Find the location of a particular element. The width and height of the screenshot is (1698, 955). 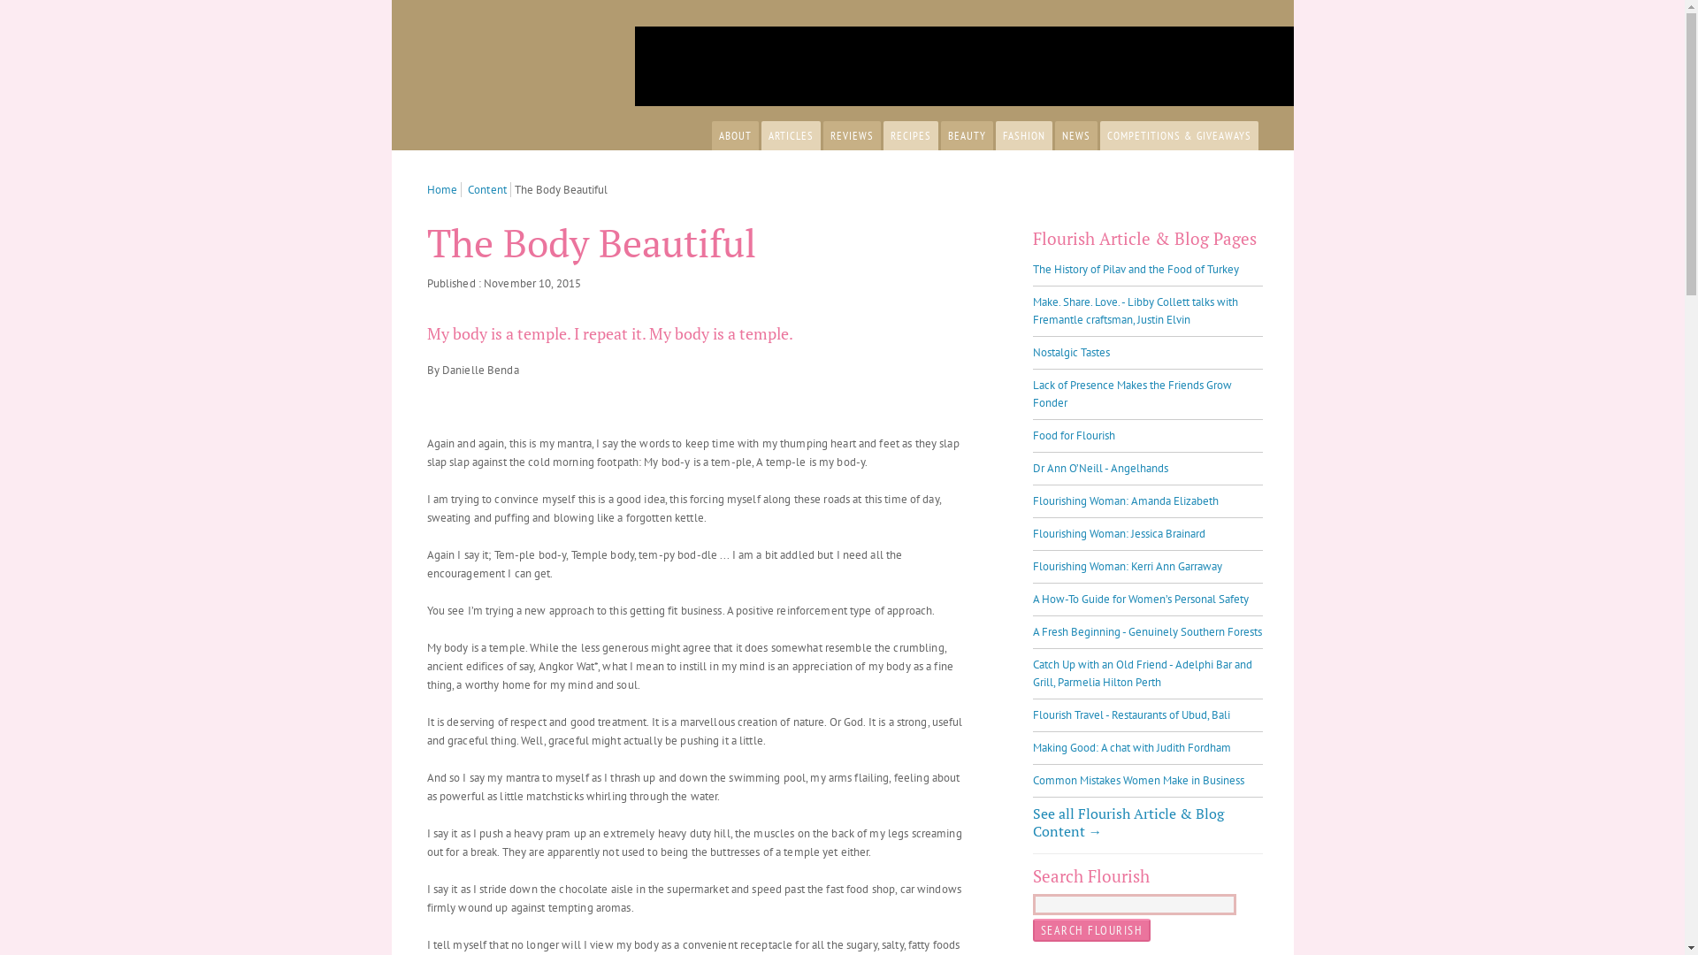

'Flourish Travel - Restaurants of Ubud, Bali' is located at coordinates (1130, 714).